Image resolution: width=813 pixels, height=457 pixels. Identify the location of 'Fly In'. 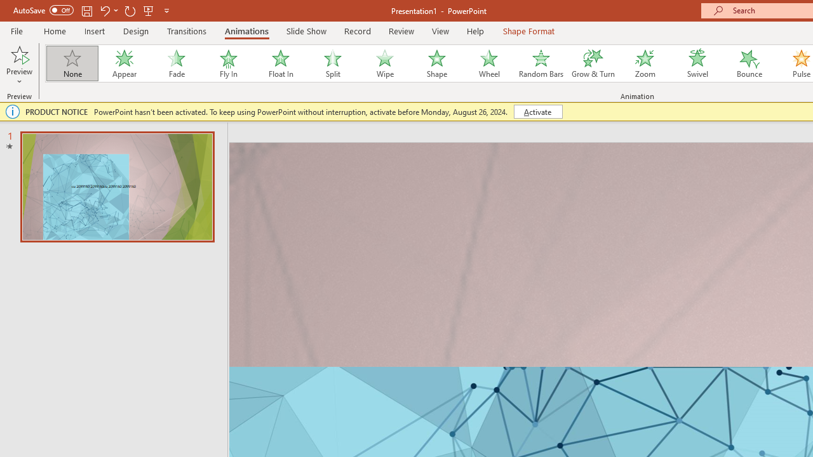
(228, 63).